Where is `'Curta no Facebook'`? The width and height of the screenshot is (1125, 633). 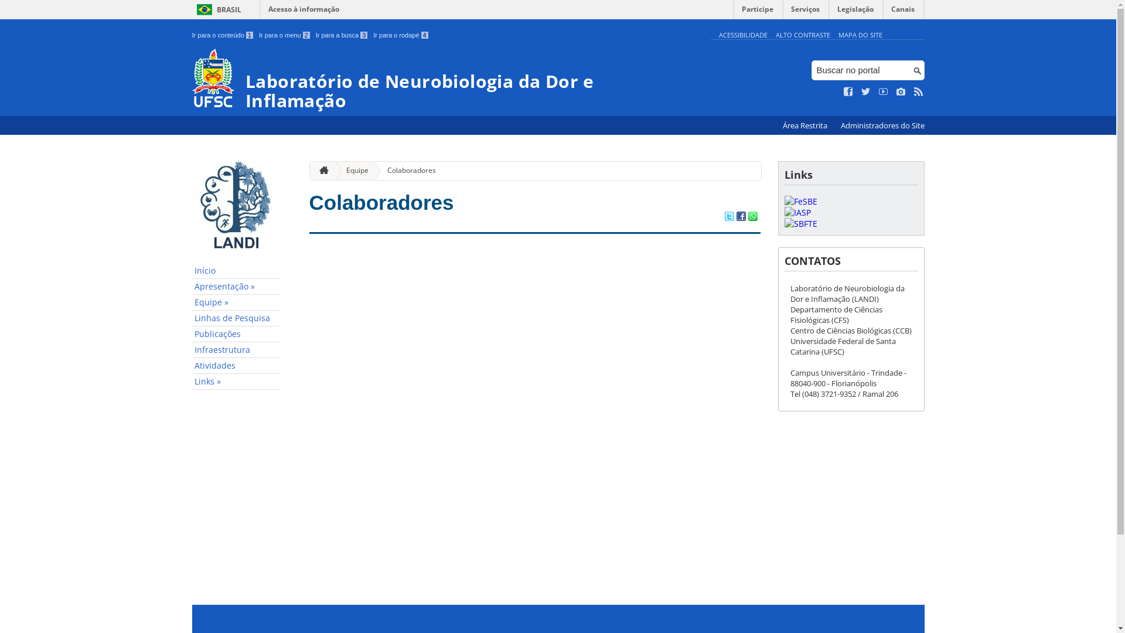 'Curta no Facebook' is located at coordinates (844, 91).